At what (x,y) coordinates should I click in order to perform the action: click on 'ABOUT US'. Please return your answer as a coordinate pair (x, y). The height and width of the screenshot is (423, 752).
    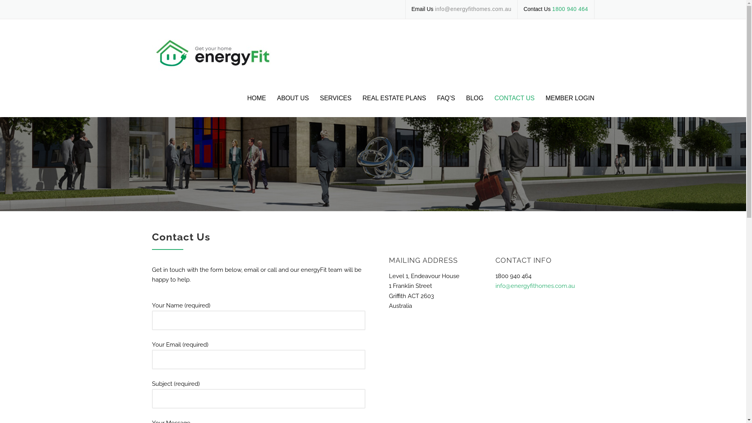
    Looking at the image, I should click on (293, 104).